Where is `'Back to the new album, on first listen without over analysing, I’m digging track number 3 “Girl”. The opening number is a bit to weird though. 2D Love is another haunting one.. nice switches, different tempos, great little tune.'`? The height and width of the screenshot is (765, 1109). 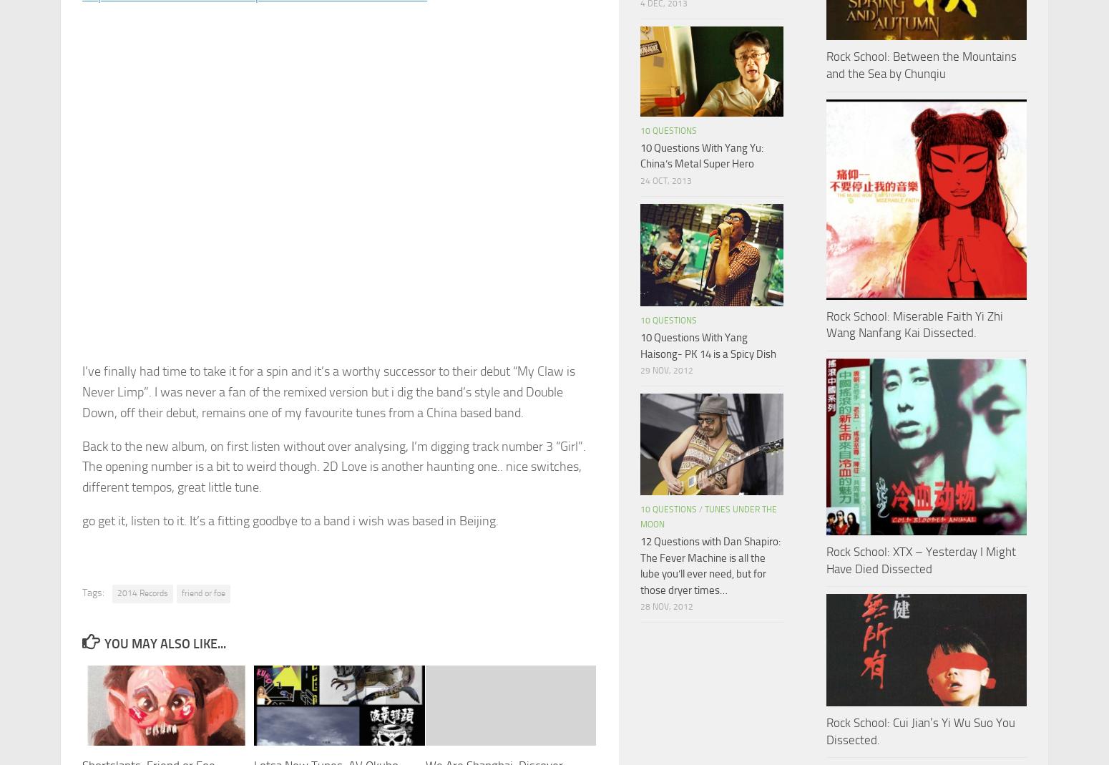 'Back to the new album, on first listen without over analysing, I’m digging track number 3 “Girl”. The opening number is a bit to weird though. 2D Love is another haunting one.. nice switches, different tempos, great little tune.' is located at coordinates (333, 465).